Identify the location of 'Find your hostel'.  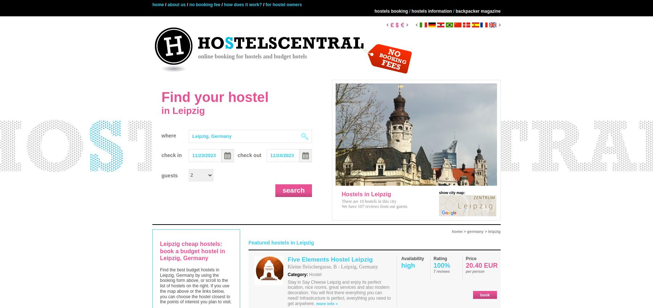
(215, 97).